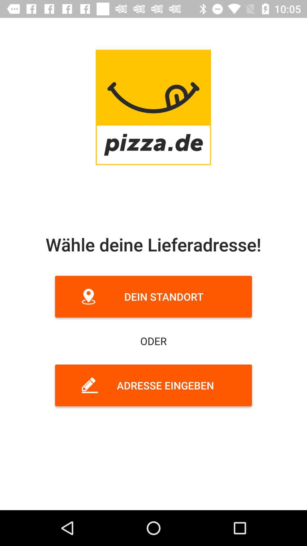  What do you see at coordinates (153, 385) in the screenshot?
I see `icon below the oder` at bounding box center [153, 385].